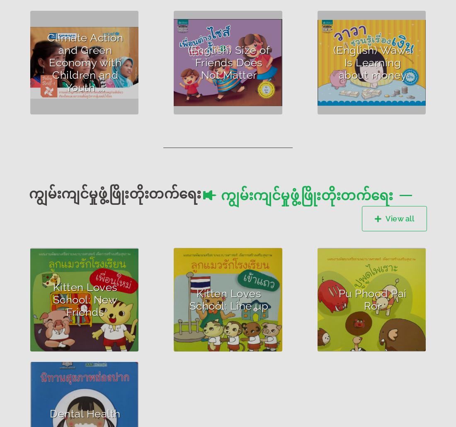 Image resolution: width=456 pixels, height=427 pixels. I want to click on 'Author :Winadda Thongplio', so click(68, 273).